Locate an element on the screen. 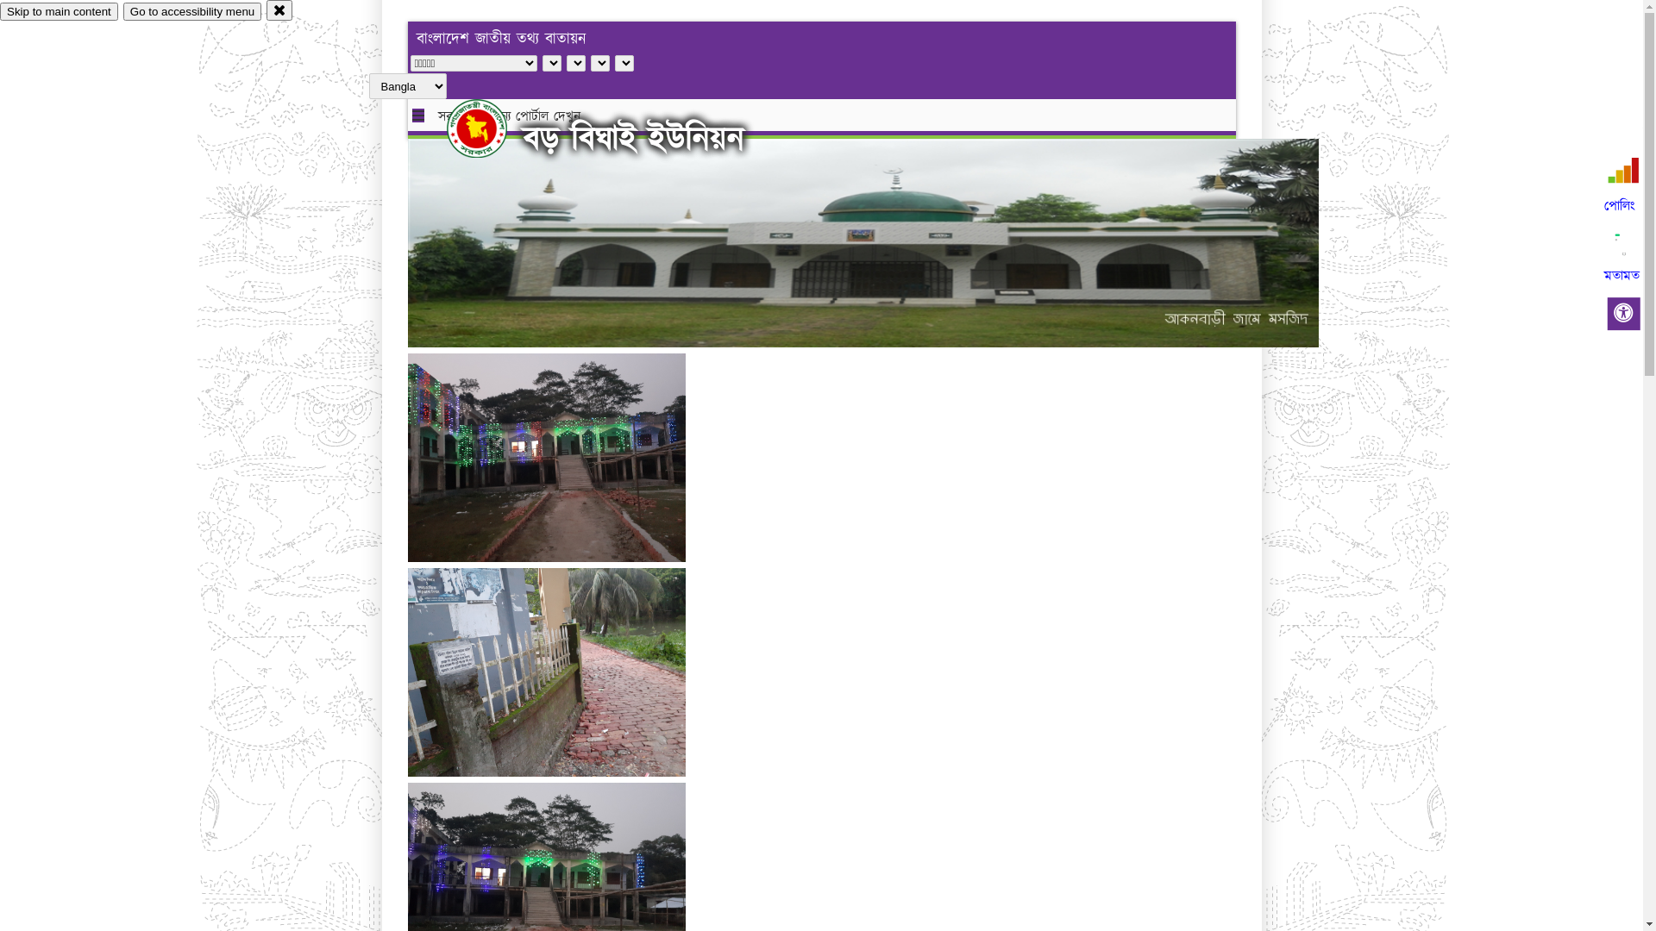 The image size is (1656, 931). 'Skip to main content' is located at coordinates (59, 11).